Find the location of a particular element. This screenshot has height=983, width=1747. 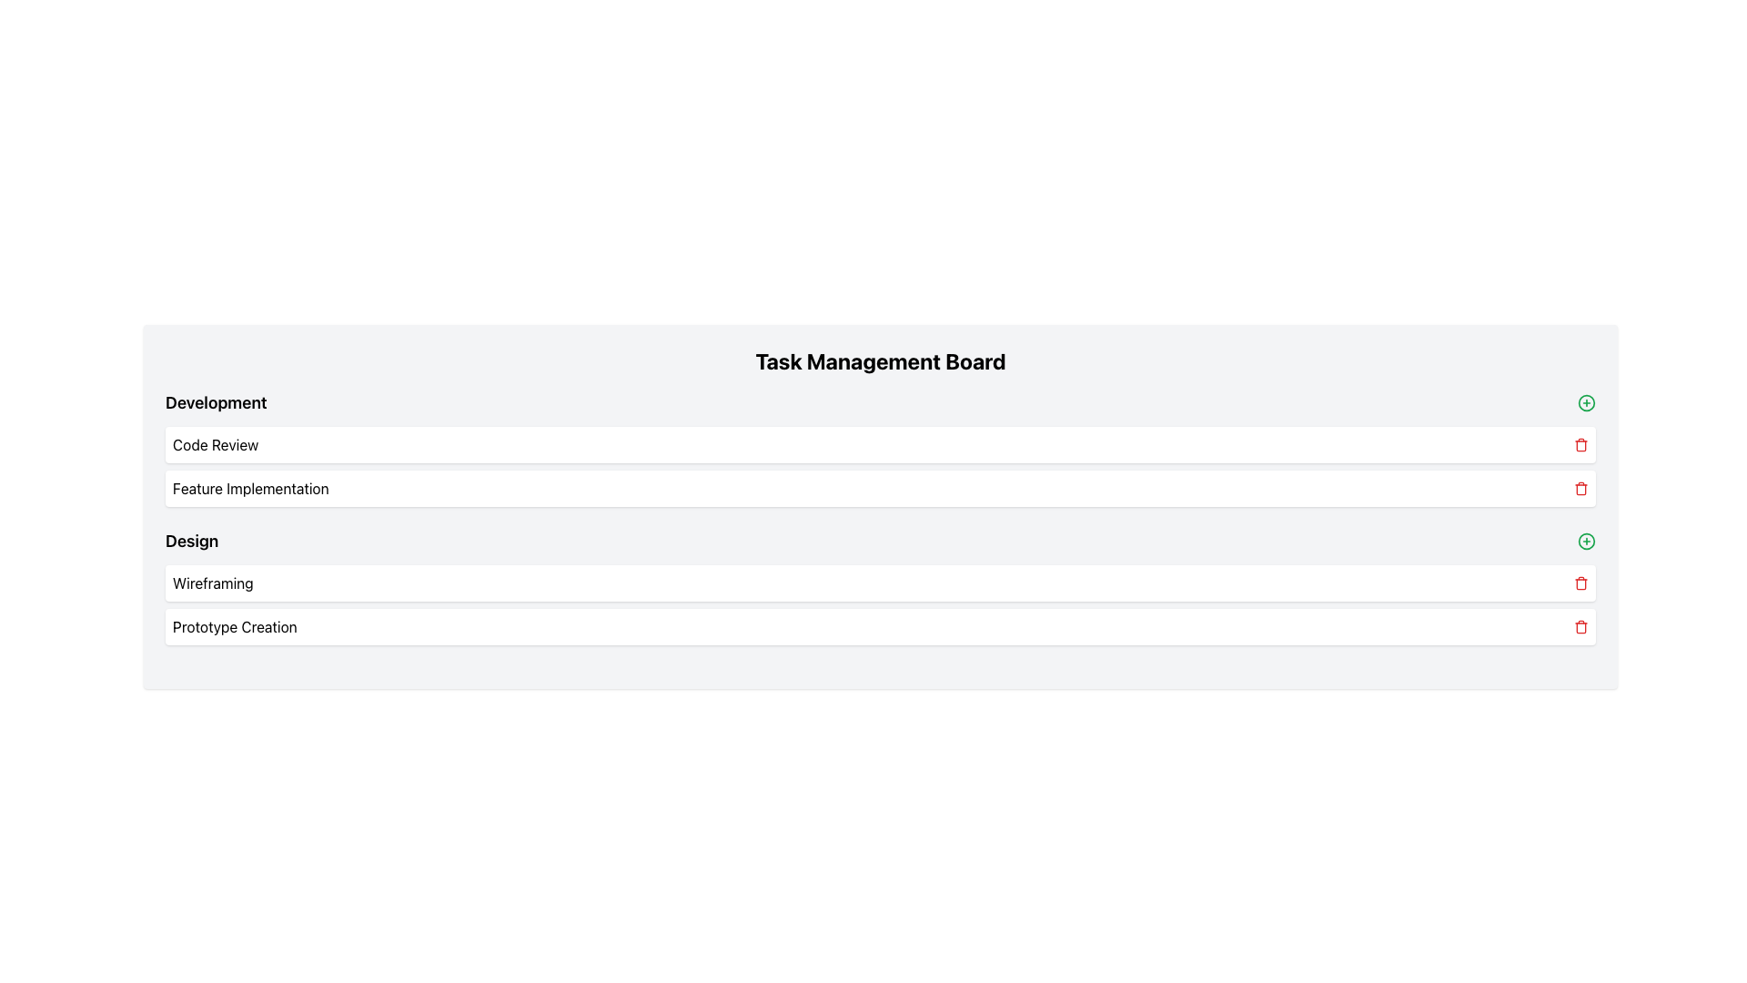

the circular icon button with a plus symbol, styled with a green outline, located to the right of the last item in the 'Design' section titled 'Prototype Creation' is located at coordinates (1585, 540).